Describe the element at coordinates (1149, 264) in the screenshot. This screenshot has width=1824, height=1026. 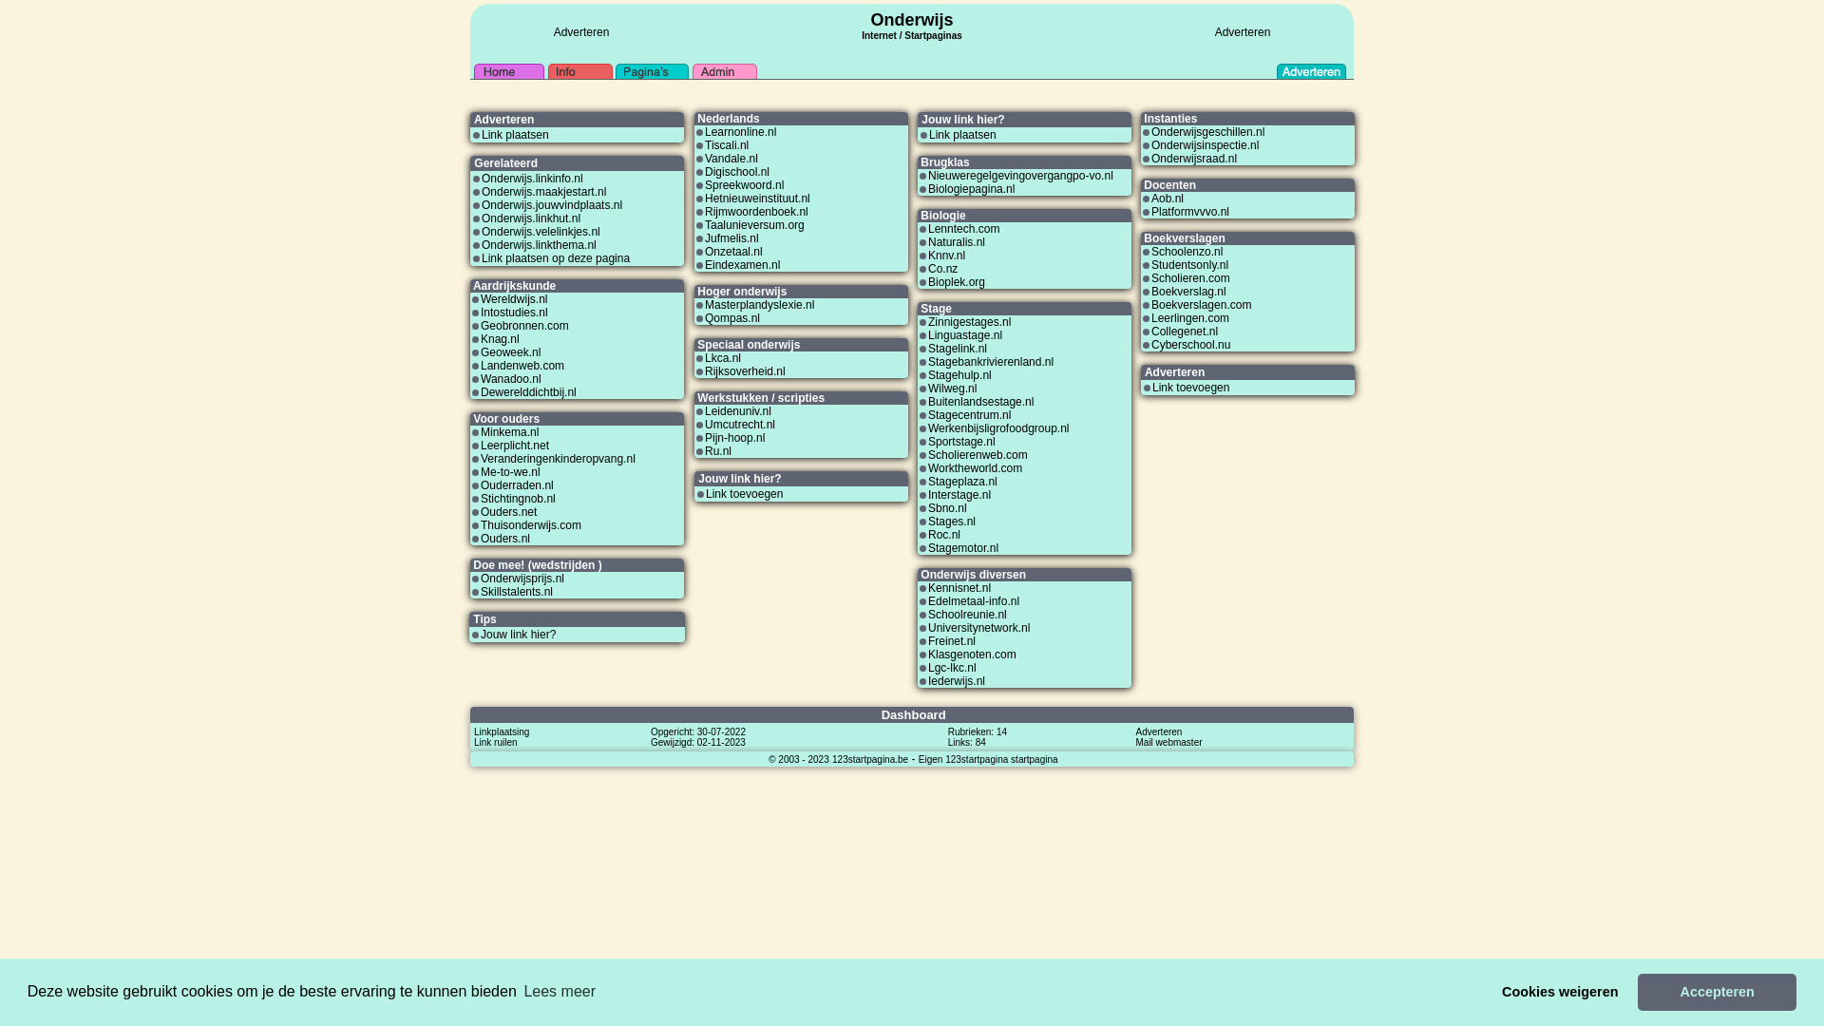
I see `'Studentsonly.nl'` at that location.